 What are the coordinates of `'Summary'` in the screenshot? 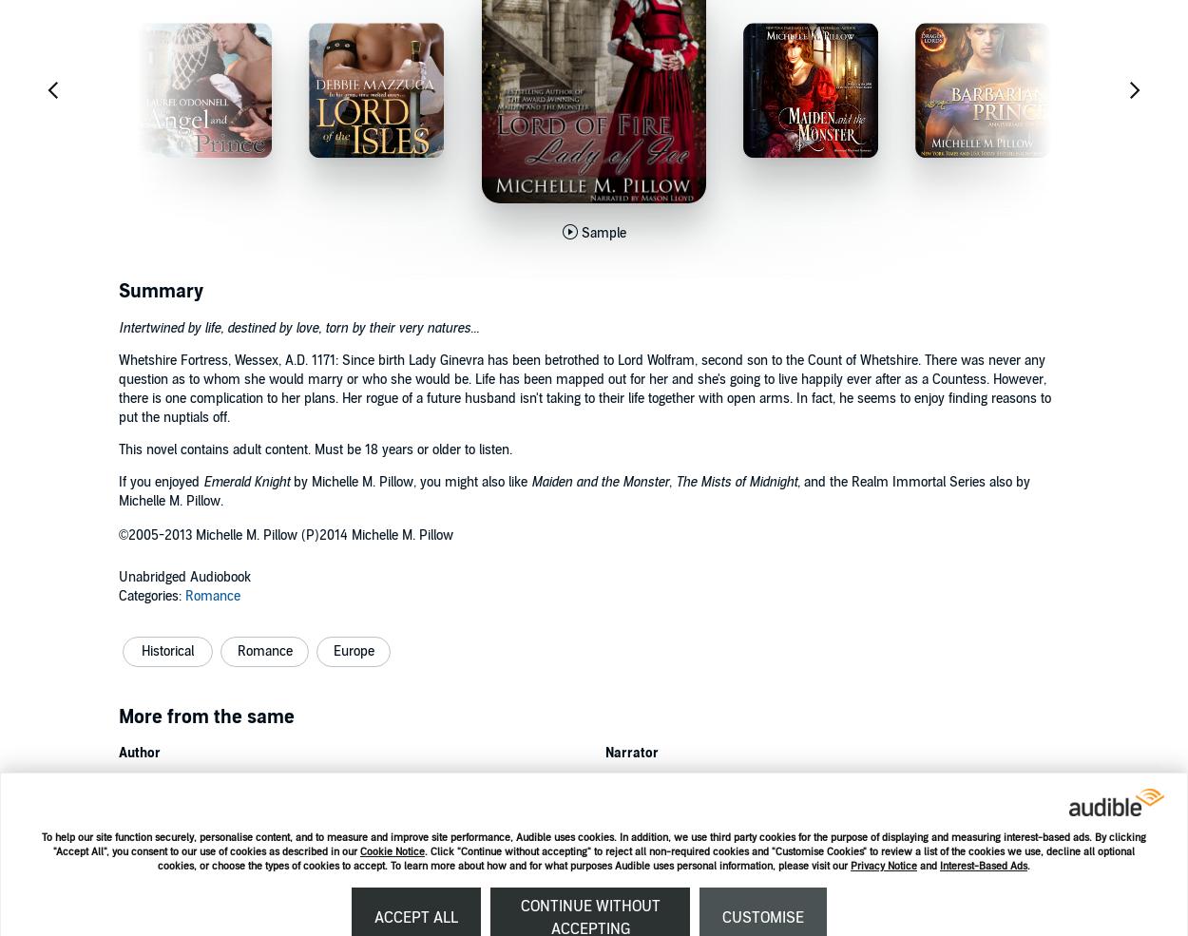 It's located at (161, 292).